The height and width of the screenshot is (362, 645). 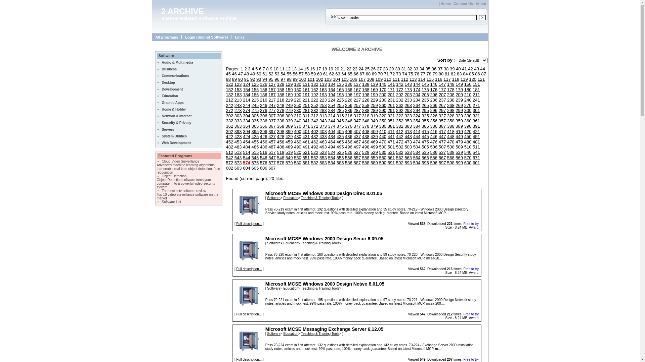 I want to click on '150', so click(x=467, y=84).